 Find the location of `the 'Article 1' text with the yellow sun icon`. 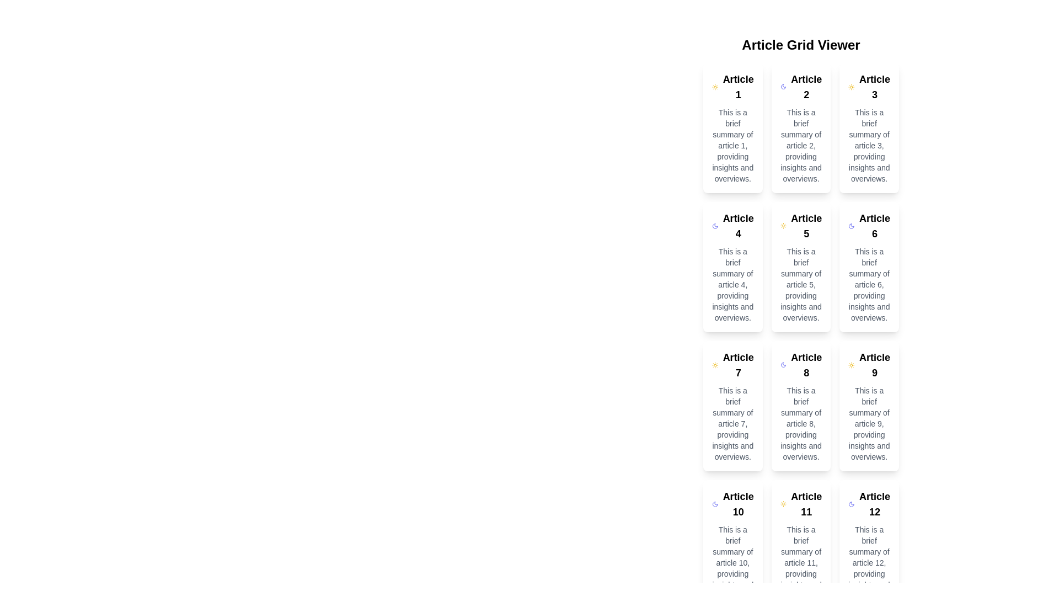

the 'Article 1' text with the yellow sun icon is located at coordinates (732, 87).